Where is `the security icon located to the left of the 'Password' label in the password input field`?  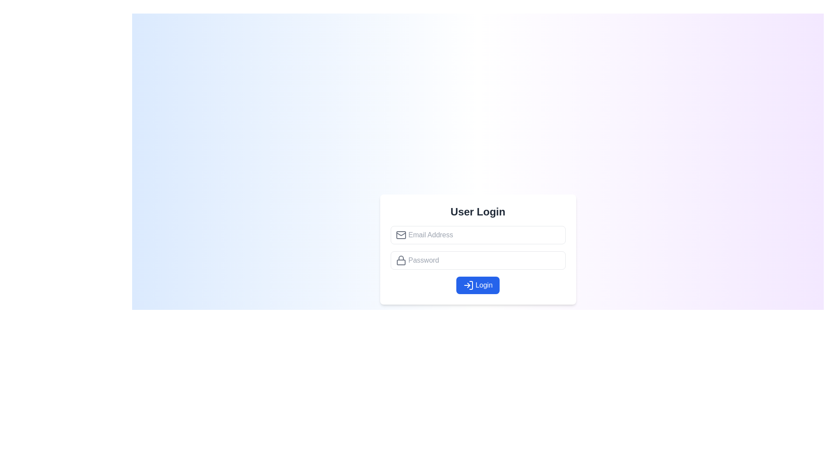
the security icon located to the left of the 'Password' label in the password input field is located at coordinates (400, 260).